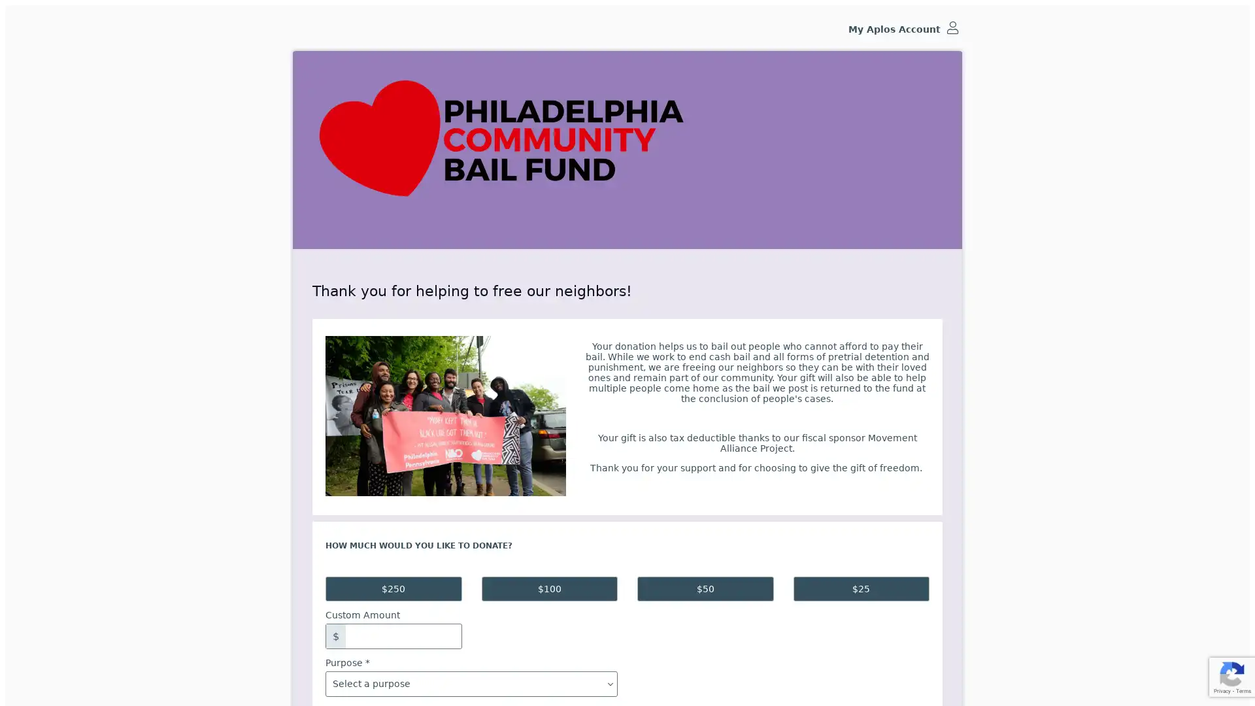 The width and height of the screenshot is (1255, 706). What do you see at coordinates (549, 589) in the screenshot?
I see `$100` at bounding box center [549, 589].